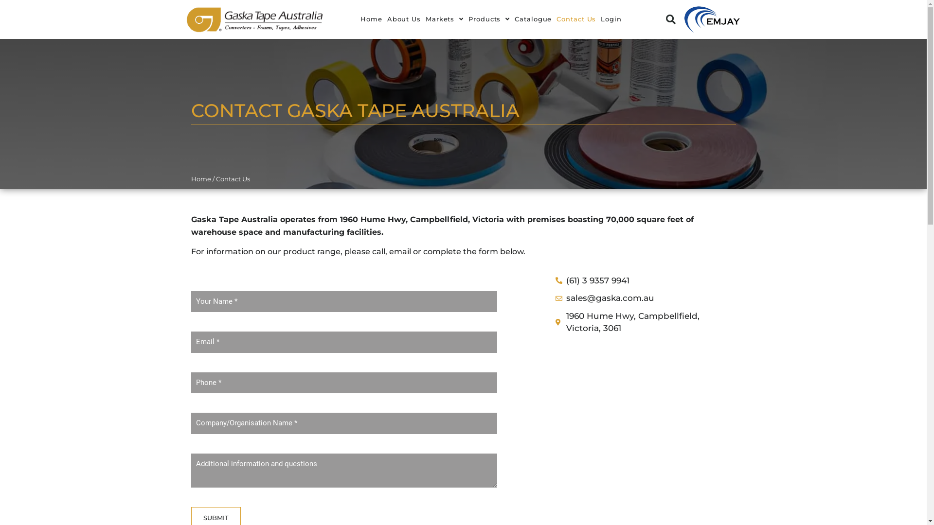 This screenshot has height=525, width=934. I want to click on 'Catalogue', so click(532, 19).